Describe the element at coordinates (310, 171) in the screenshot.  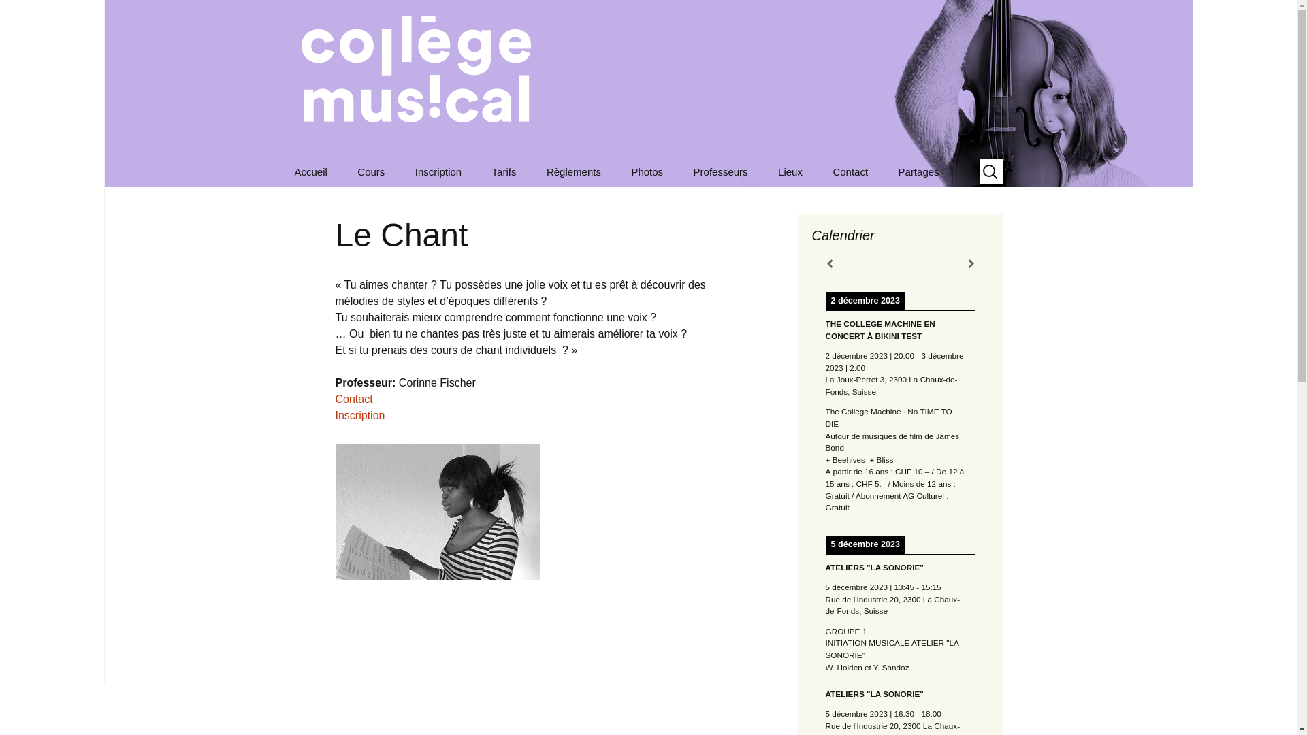
I see `'Accueil'` at that location.